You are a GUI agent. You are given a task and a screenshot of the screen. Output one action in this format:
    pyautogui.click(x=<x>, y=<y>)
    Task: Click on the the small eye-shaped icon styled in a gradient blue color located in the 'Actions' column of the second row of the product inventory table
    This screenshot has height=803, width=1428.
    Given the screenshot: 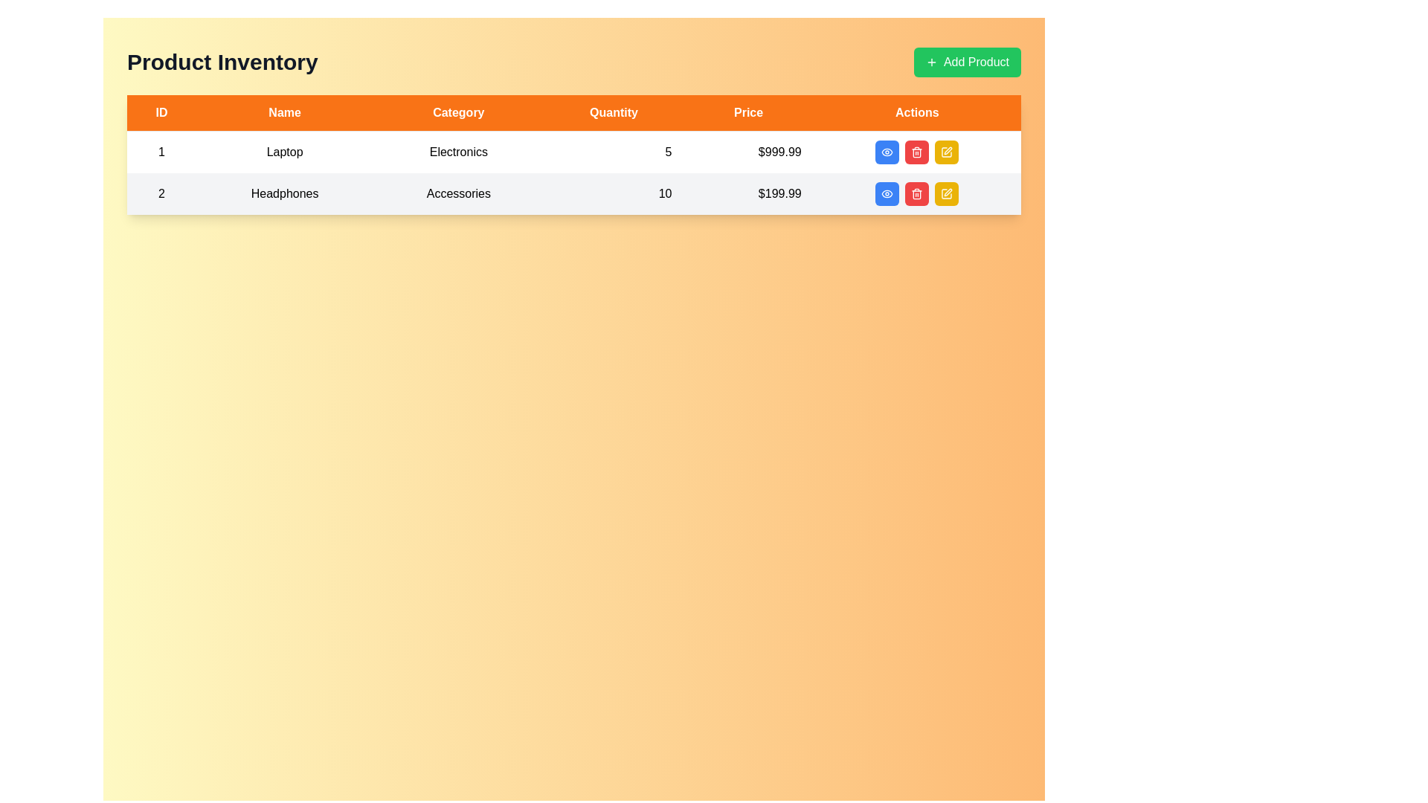 What is the action you would take?
    pyautogui.click(x=887, y=152)
    